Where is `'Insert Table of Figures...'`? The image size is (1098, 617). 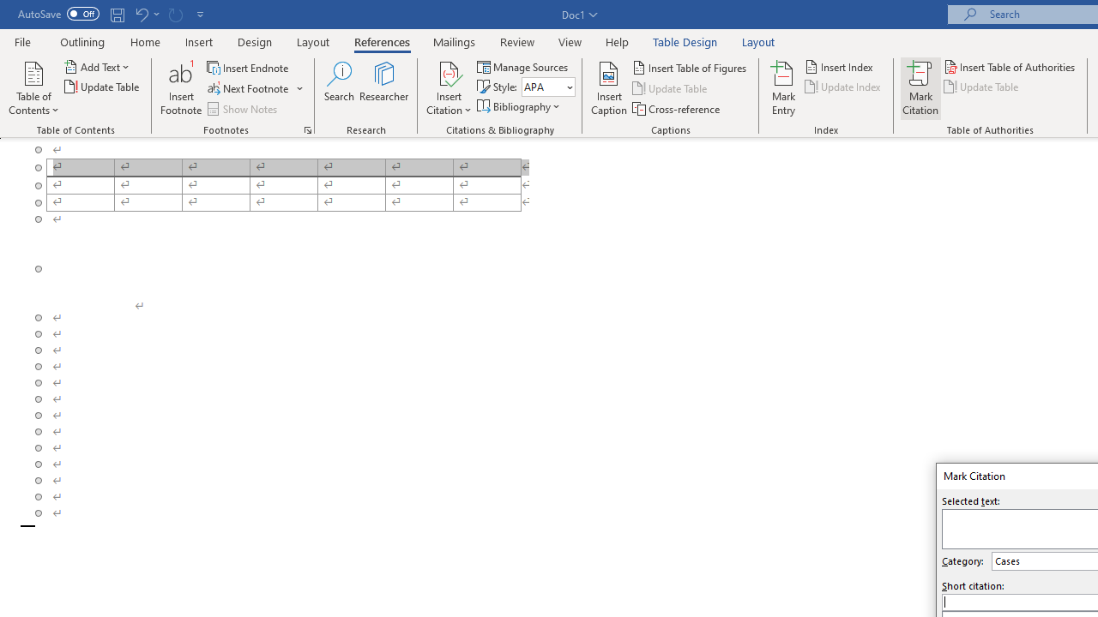 'Insert Table of Figures...' is located at coordinates (691, 67).